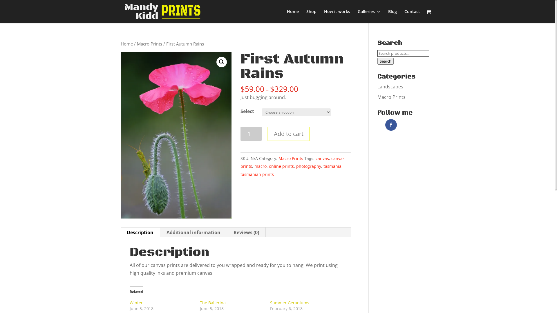 This screenshot has width=557, height=313. I want to click on 'Summer Geraniums', so click(290, 302).